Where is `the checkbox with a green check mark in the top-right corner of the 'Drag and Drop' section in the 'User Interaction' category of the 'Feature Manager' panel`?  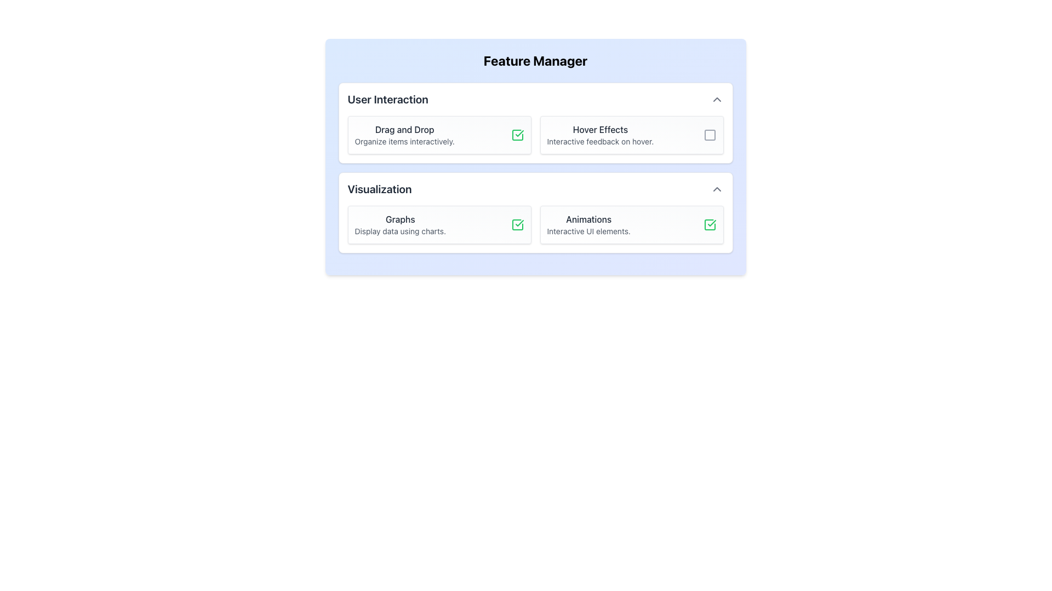
the checkbox with a green check mark in the top-right corner of the 'Drag and Drop' section in the 'User Interaction' category of the 'Feature Manager' panel is located at coordinates (517, 134).